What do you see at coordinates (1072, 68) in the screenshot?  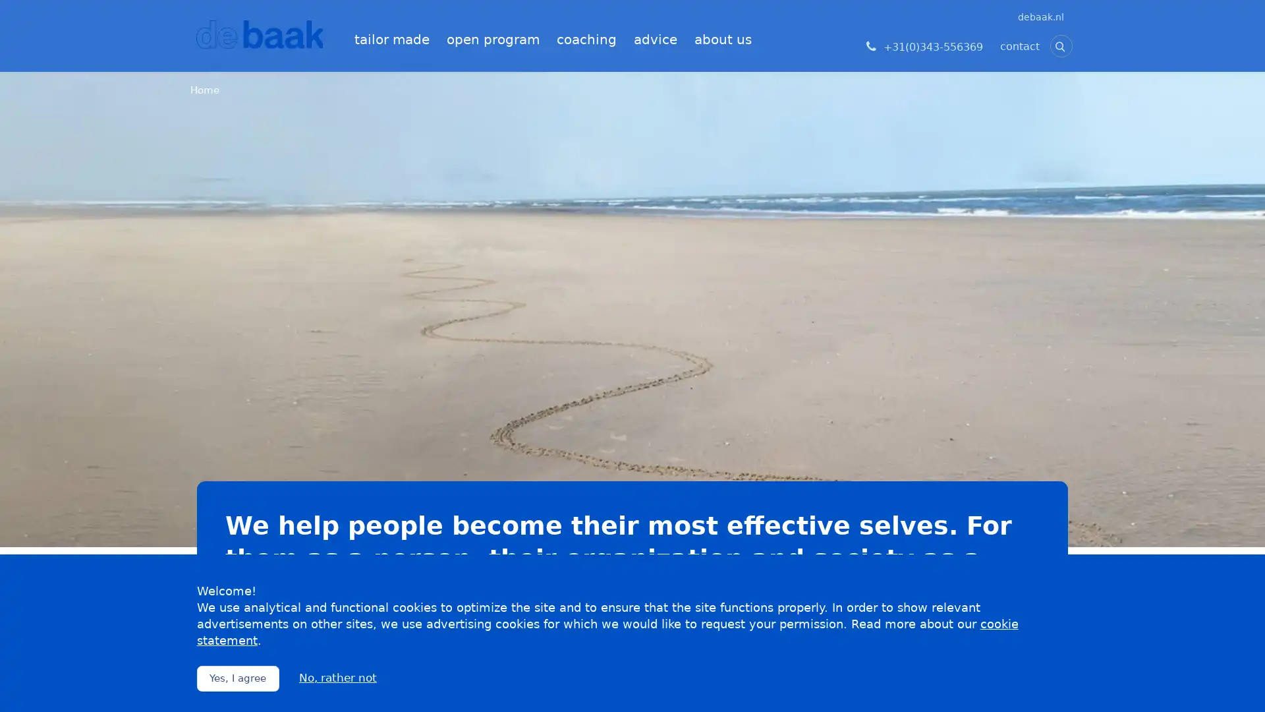 I see `Zoeken` at bounding box center [1072, 68].